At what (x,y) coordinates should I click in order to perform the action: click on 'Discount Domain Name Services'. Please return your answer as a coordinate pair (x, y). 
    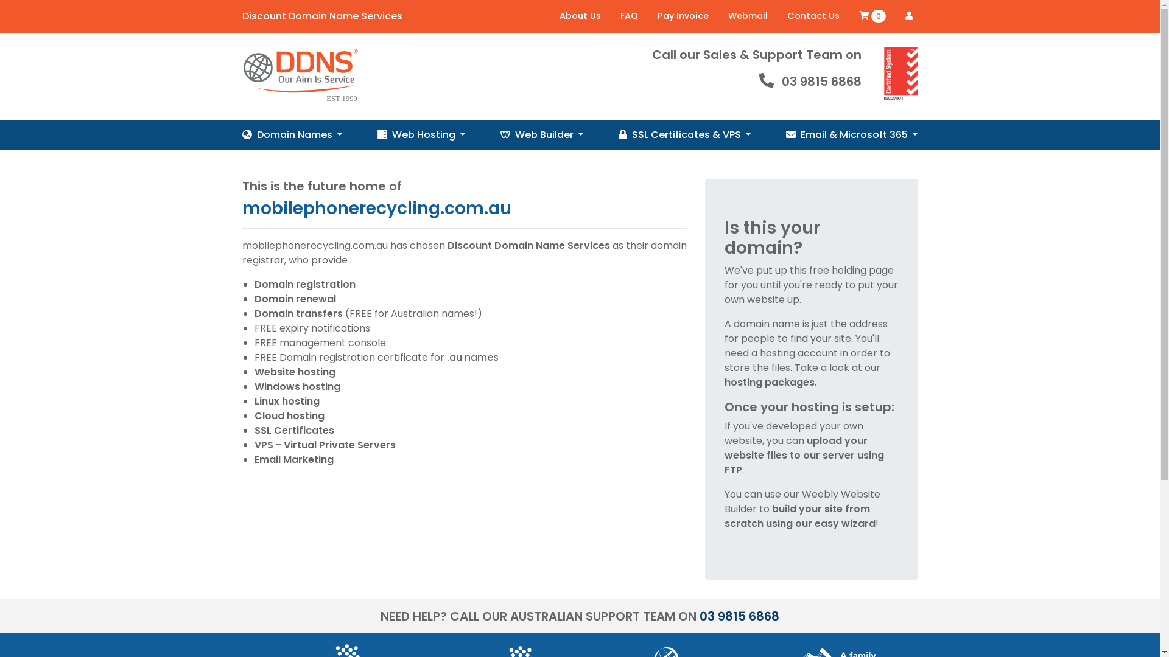
    Looking at the image, I should click on (322, 16).